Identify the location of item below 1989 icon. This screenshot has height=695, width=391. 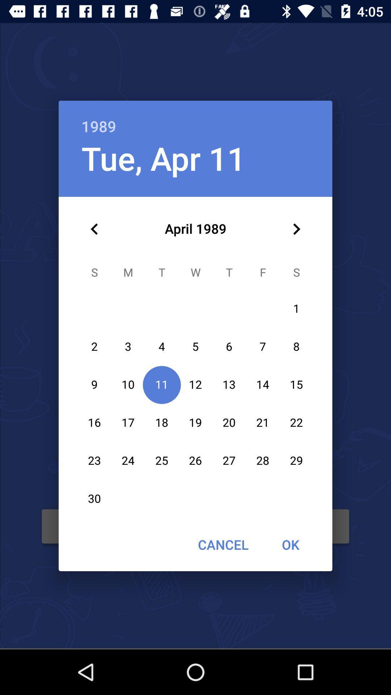
(296, 229).